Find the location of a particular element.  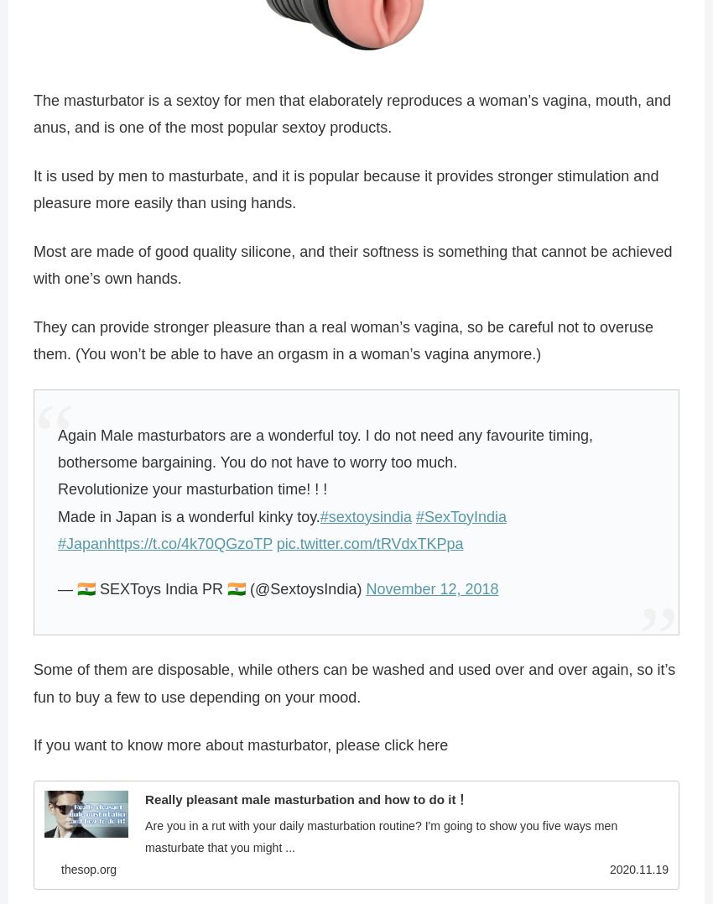

'Really pleasant male masturbation and how to do it！' is located at coordinates (305, 798).